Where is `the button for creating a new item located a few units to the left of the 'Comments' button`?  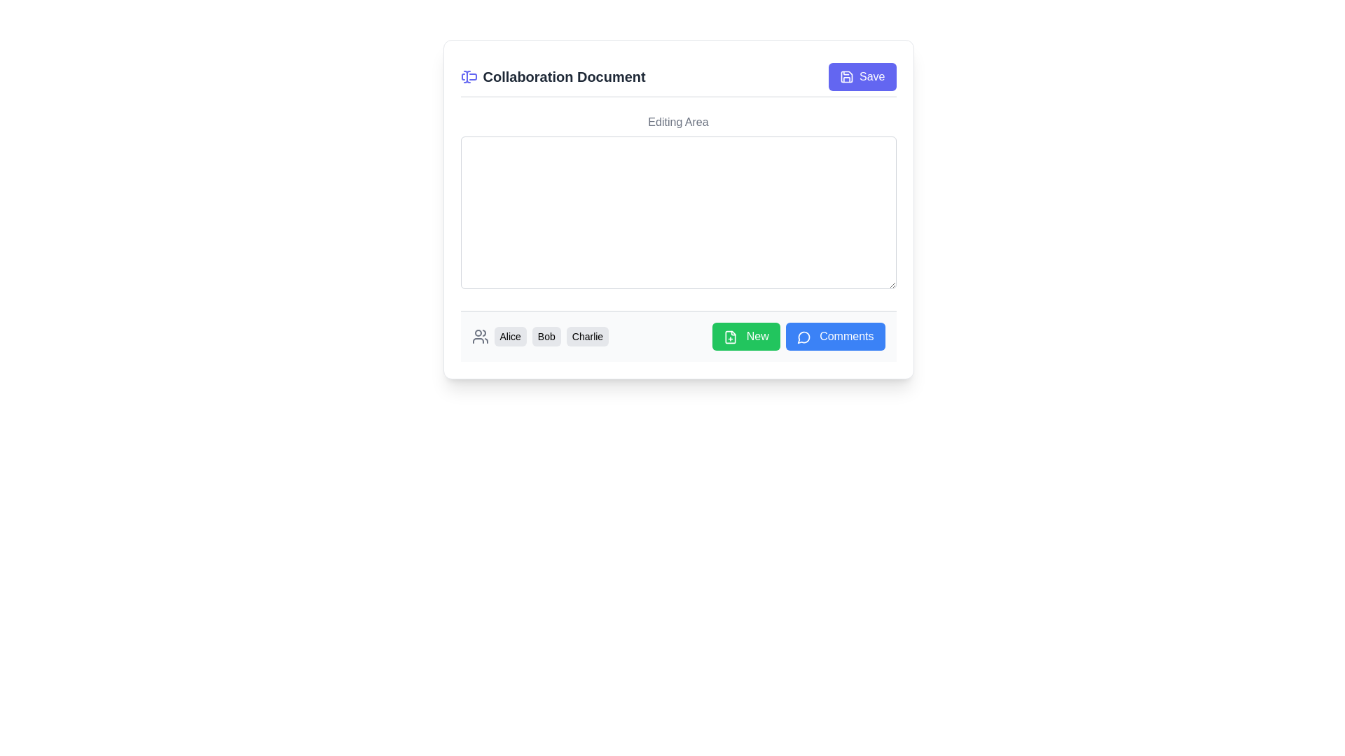 the button for creating a new item located a few units to the left of the 'Comments' button is located at coordinates (745, 337).